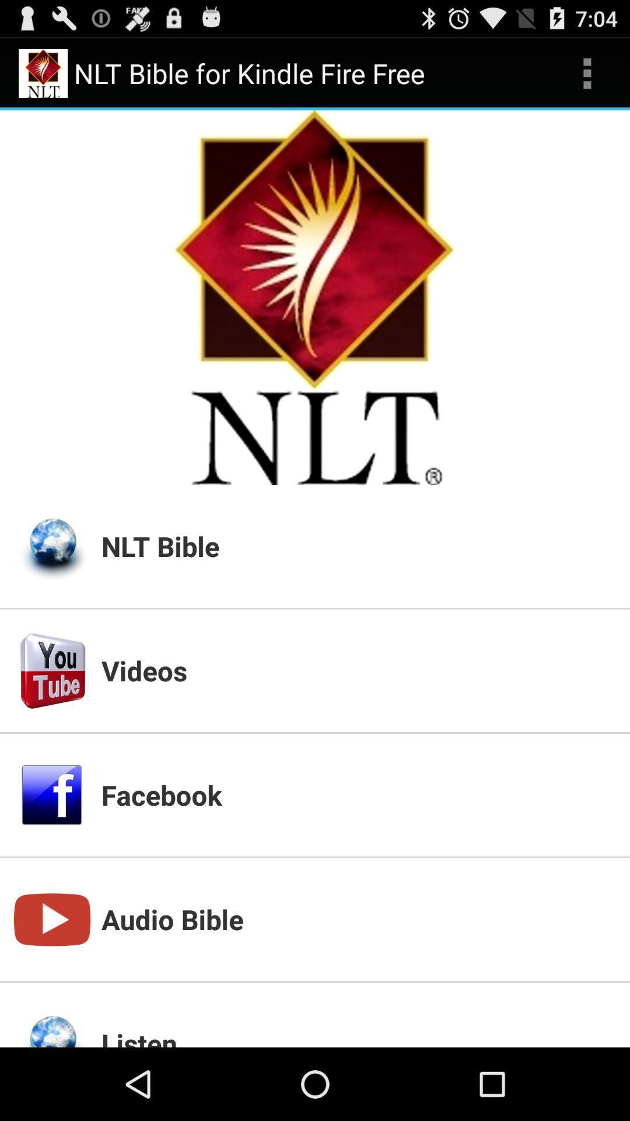 This screenshot has height=1121, width=630. I want to click on item at the top right corner, so click(587, 72).